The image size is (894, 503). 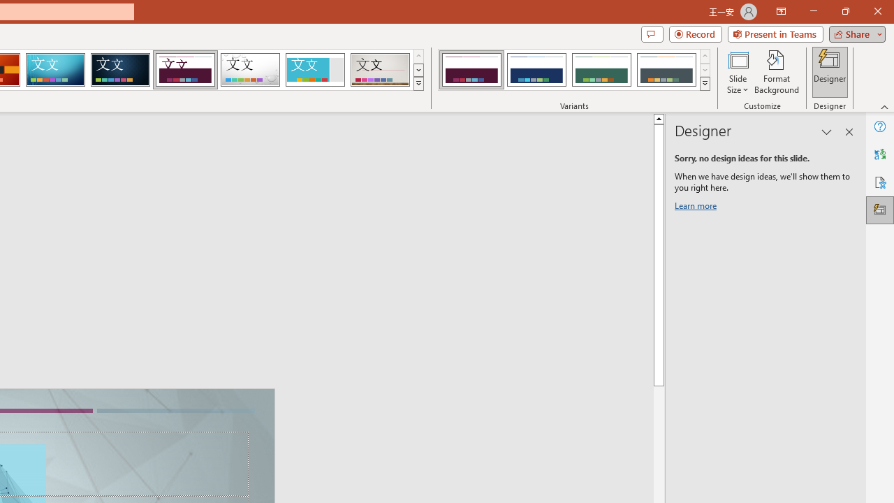 What do you see at coordinates (471, 70) in the screenshot?
I see `'Dividend Variant 1'` at bounding box center [471, 70].